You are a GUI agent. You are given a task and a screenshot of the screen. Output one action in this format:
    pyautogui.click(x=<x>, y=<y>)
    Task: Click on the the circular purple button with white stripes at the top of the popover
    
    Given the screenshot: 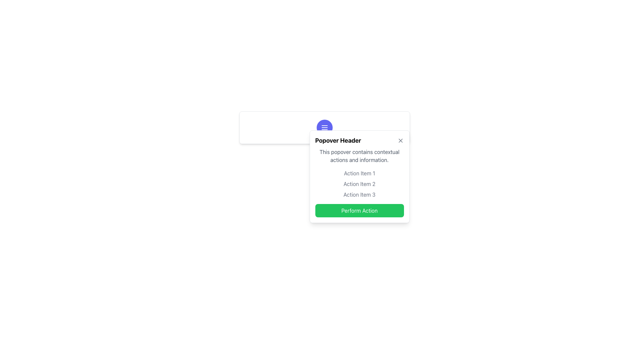 What is the action you would take?
    pyautogui.click(x=324, y=127)
    